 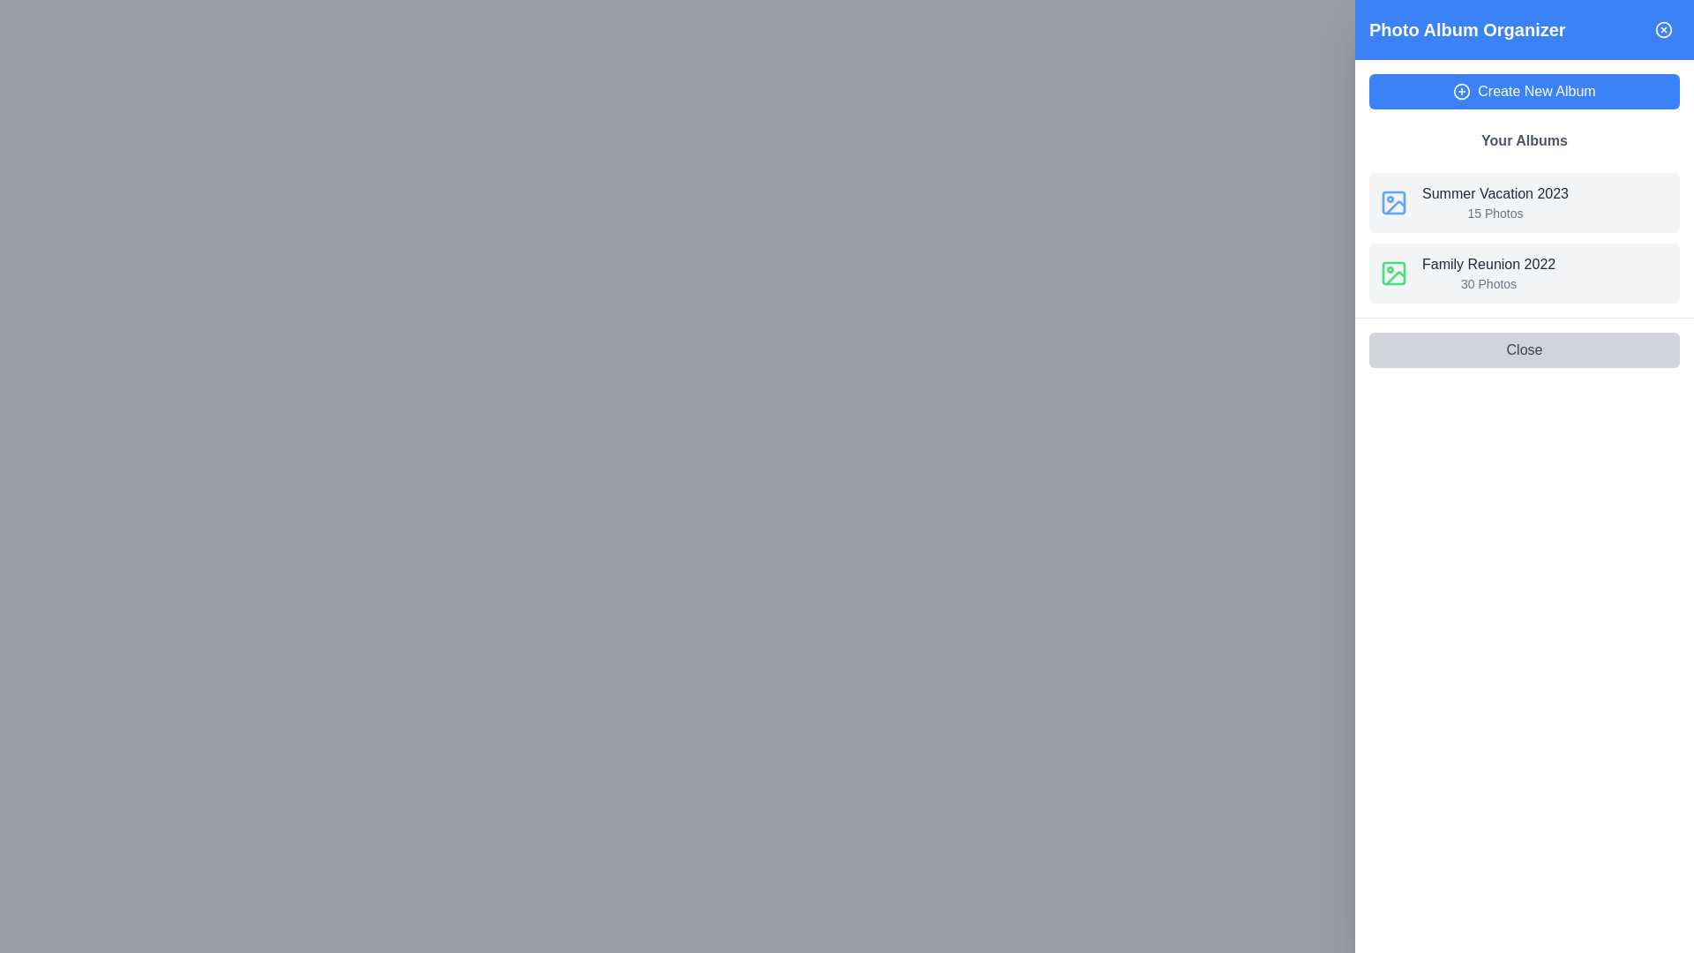 I want to click on the text label indicating the number of photos in the 'Family Reunion 2022' album located in the 'Your Albums' section, so click(x=1488, y=282).